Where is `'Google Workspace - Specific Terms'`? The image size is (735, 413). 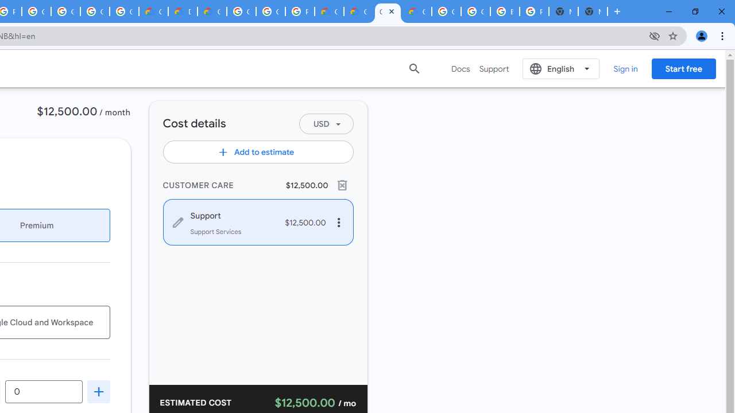 'Google Workspace - Specific Terms' is located at coordinates (124, 11).